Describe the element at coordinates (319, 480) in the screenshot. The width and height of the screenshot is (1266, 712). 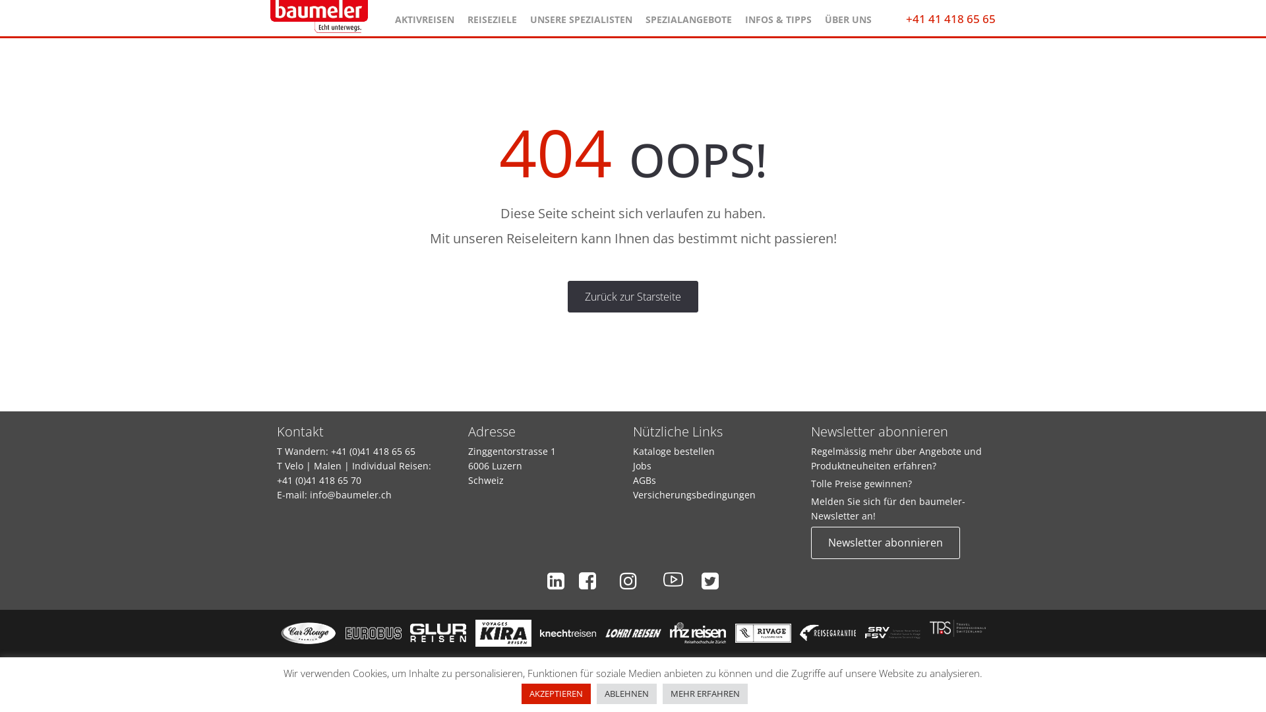
I see `'+41 (0)41 418 65 70'` at that location.